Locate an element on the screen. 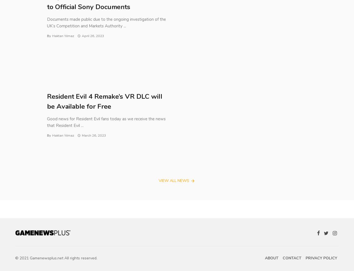 This screenshot has height=271, width=354. 'View all News' is located at coordinates (173, 181).